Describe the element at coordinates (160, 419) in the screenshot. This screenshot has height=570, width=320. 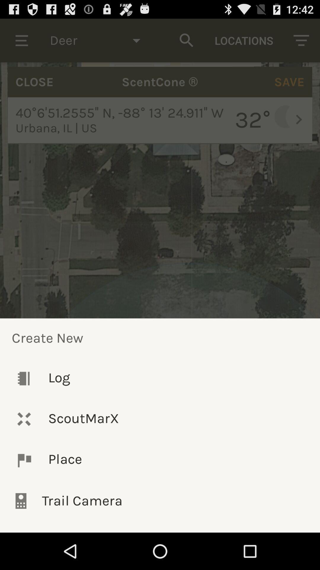
I see `the icon below log` at that location.